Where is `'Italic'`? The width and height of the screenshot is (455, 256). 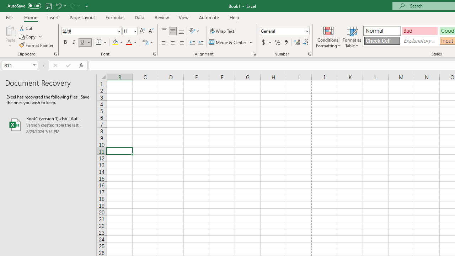
'Italic' is located at coordinates (74, 42).